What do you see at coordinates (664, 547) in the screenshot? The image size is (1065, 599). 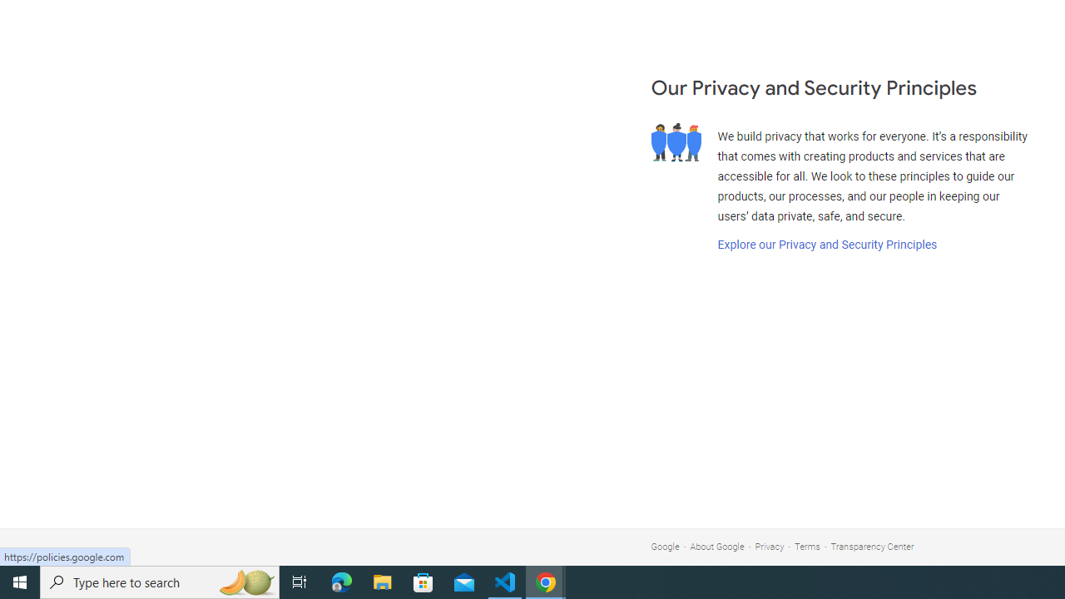 I see `'Google'` at bounding box center [664, 547].